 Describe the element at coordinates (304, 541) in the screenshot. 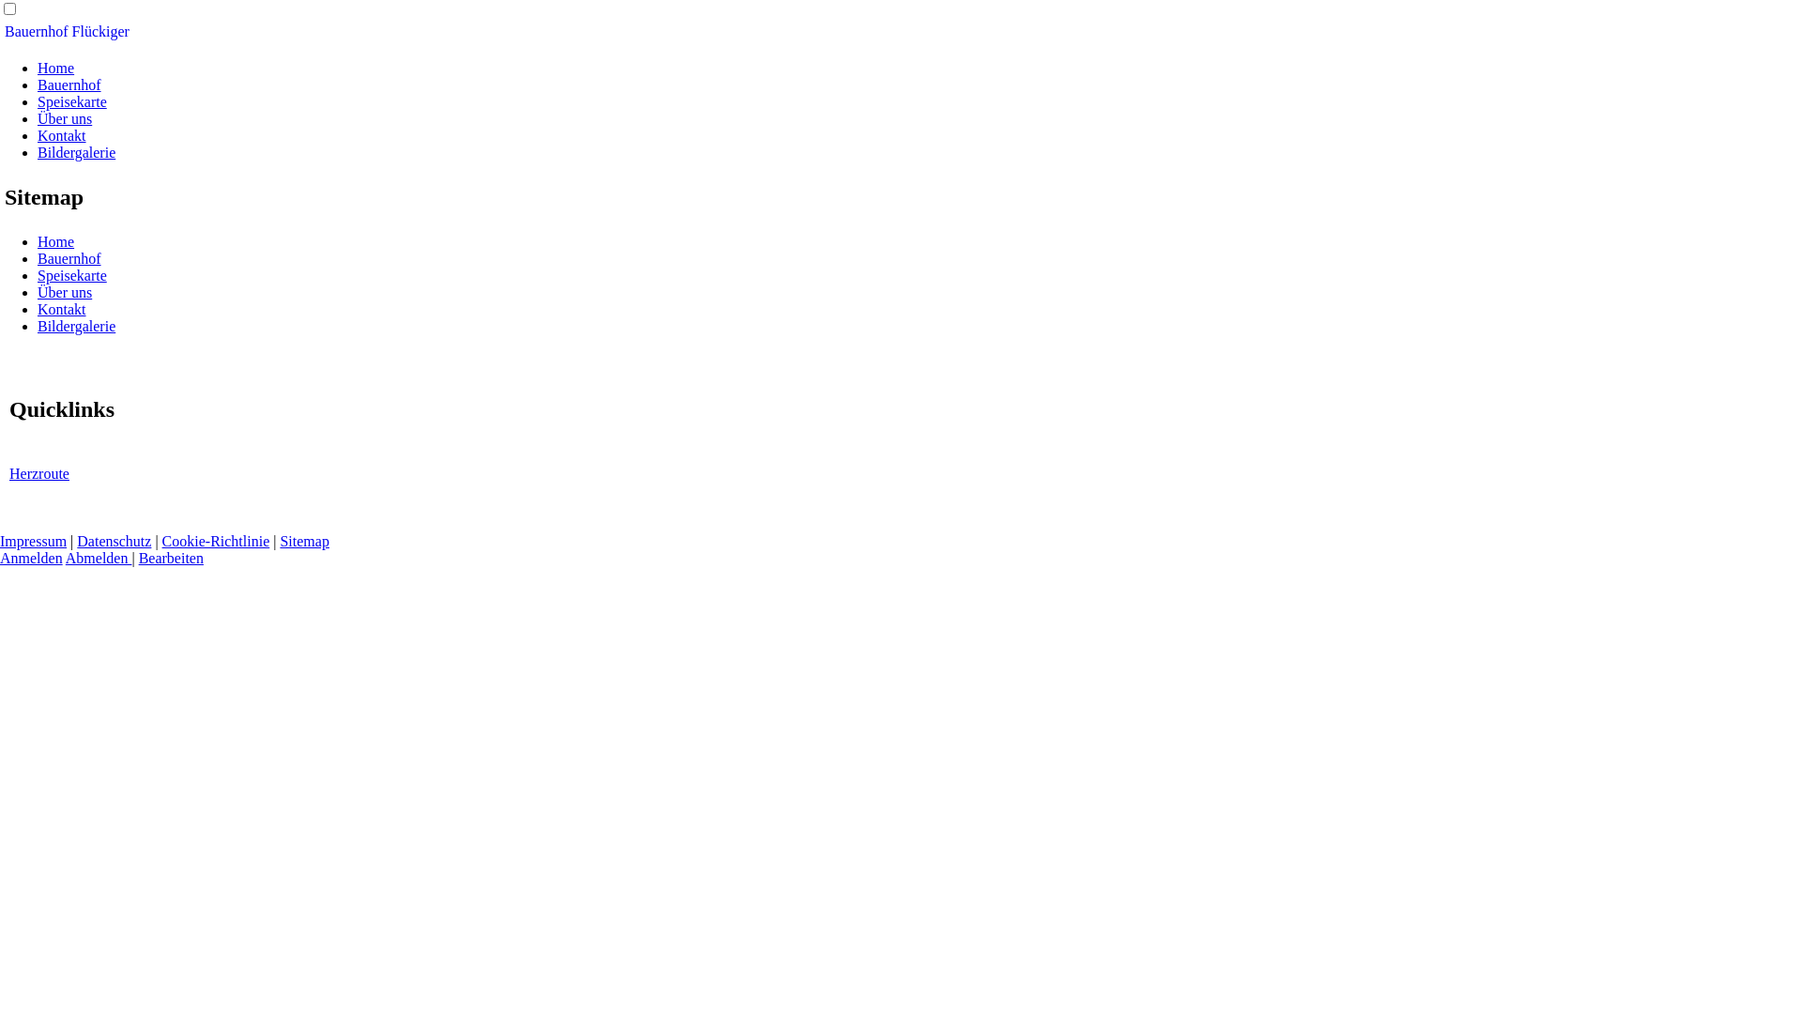

I see `'Sitemap'` at that location.